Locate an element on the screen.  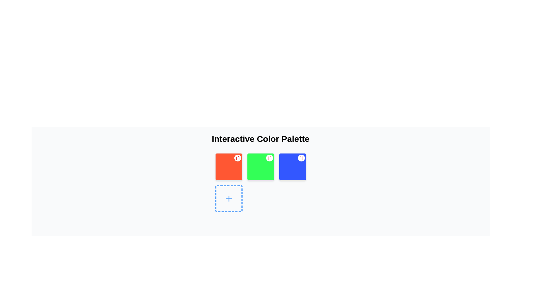
the delete button located in the top-right corner of the left-most red square box to potentially reveal additional information is located at coordinates (237, 158).